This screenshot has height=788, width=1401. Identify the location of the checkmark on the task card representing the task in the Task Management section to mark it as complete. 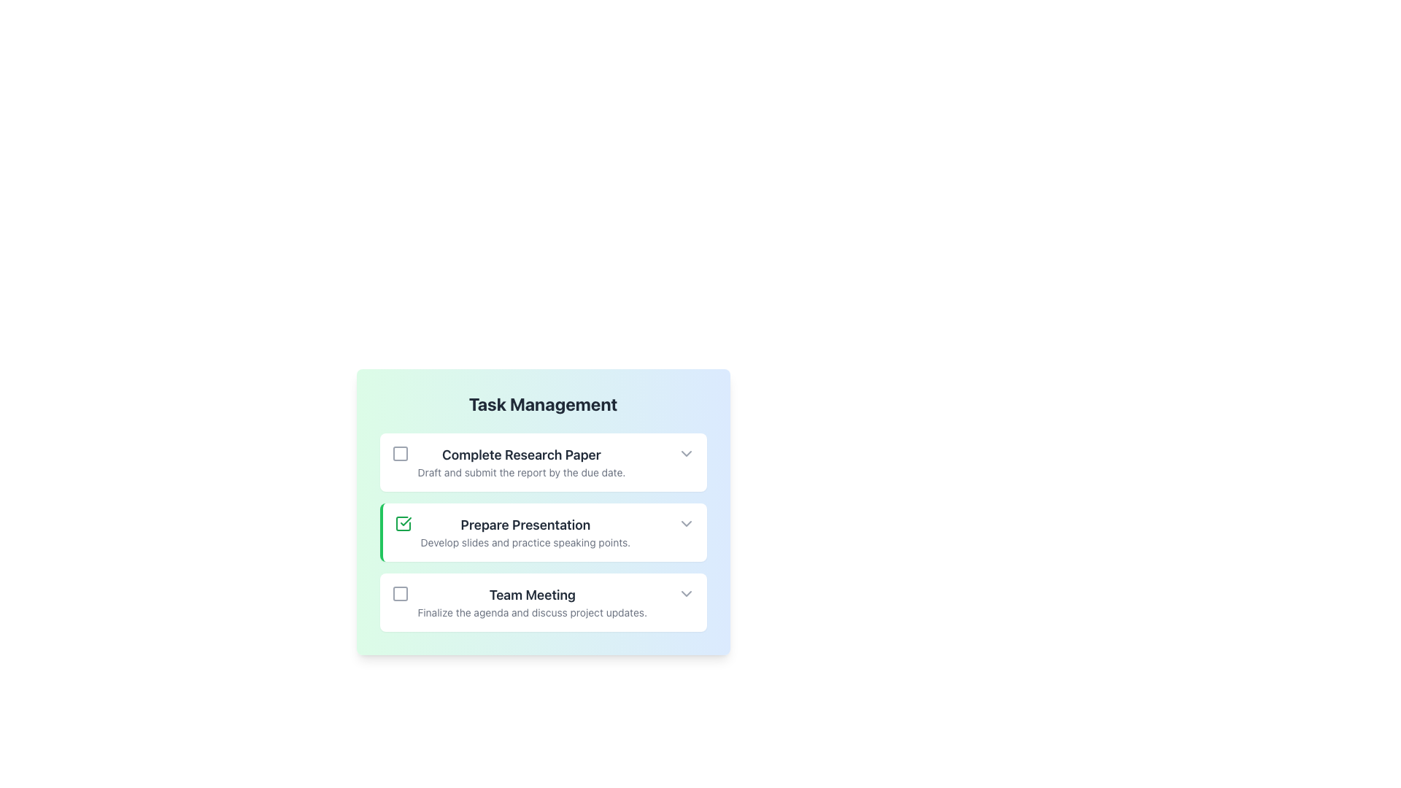
(542, 532).